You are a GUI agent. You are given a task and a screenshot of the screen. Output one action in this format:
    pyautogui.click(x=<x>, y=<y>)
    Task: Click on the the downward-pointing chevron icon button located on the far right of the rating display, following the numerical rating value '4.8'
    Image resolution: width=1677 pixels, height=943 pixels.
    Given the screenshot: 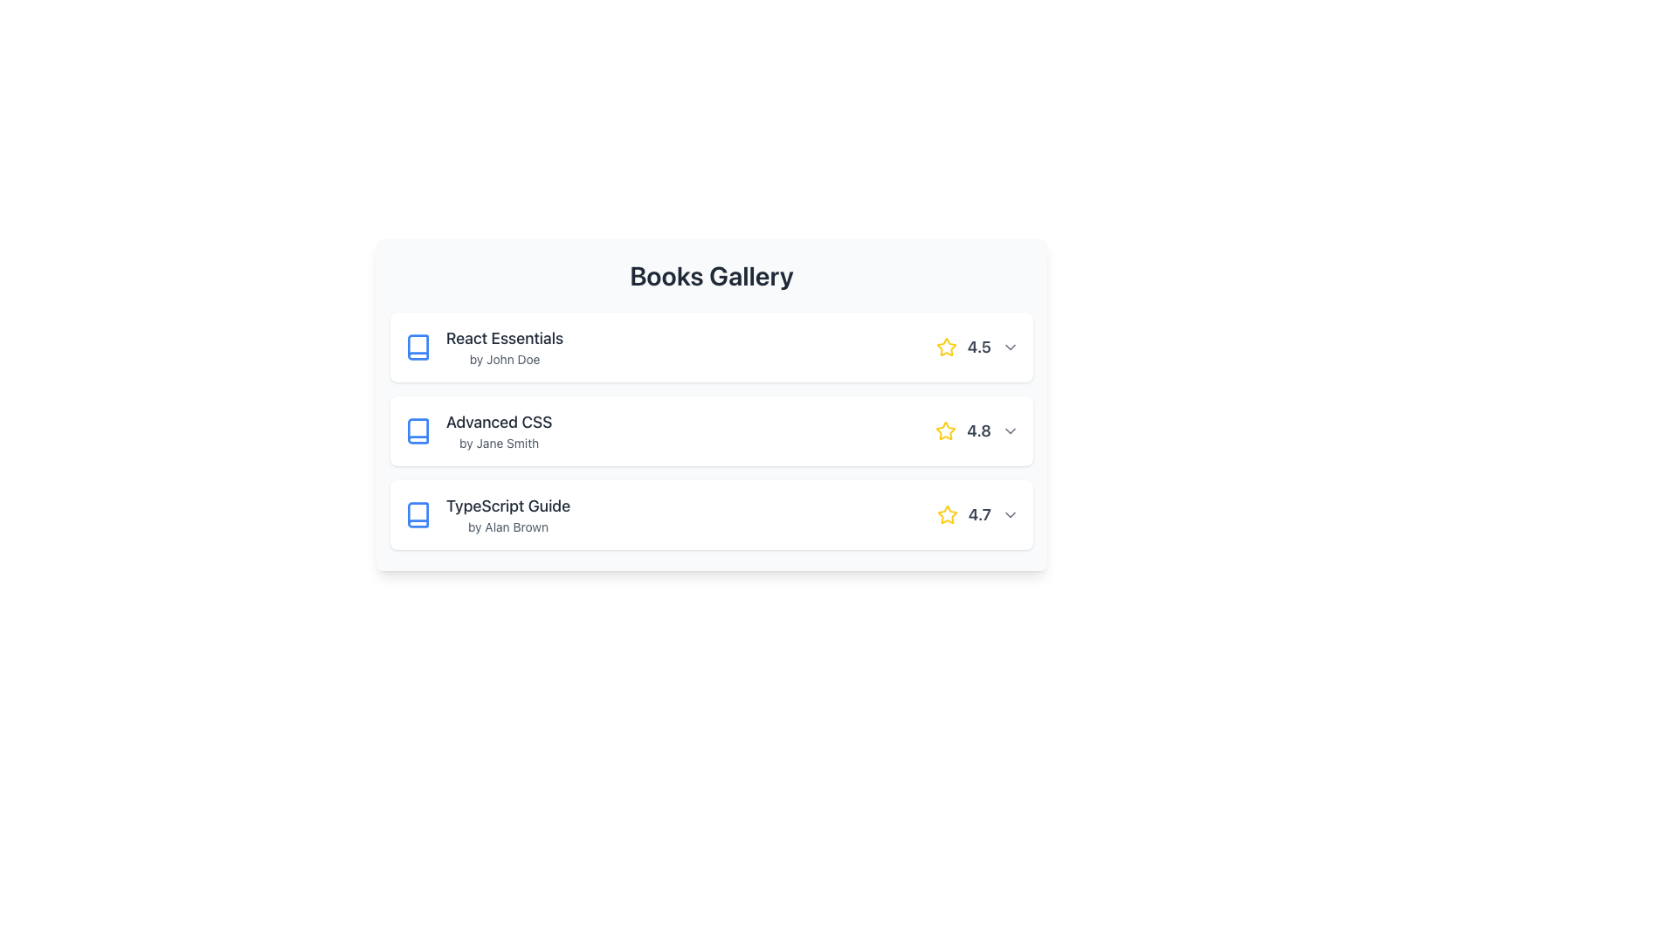 What is the action you would take?
    pyautogui.click(x=1010, y=430)
    